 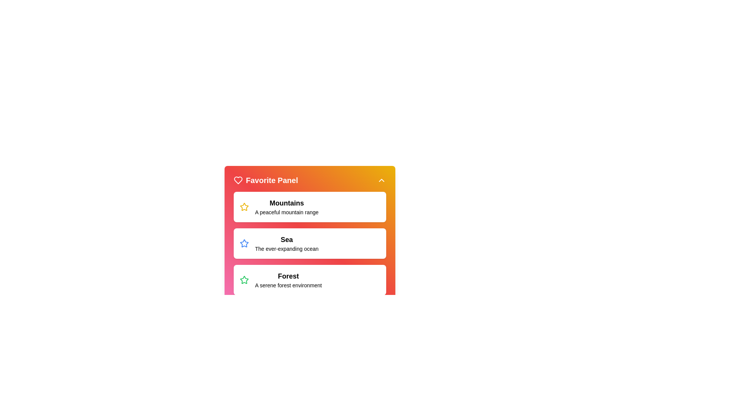 What do you see at coordinates (244, 207) in the screenshot?
I see `the star-shaped icon with a golden yellow outline located to the left of the text 'Sea' in the 'Favorite Panel' menu` at bounding box center [244, 207].